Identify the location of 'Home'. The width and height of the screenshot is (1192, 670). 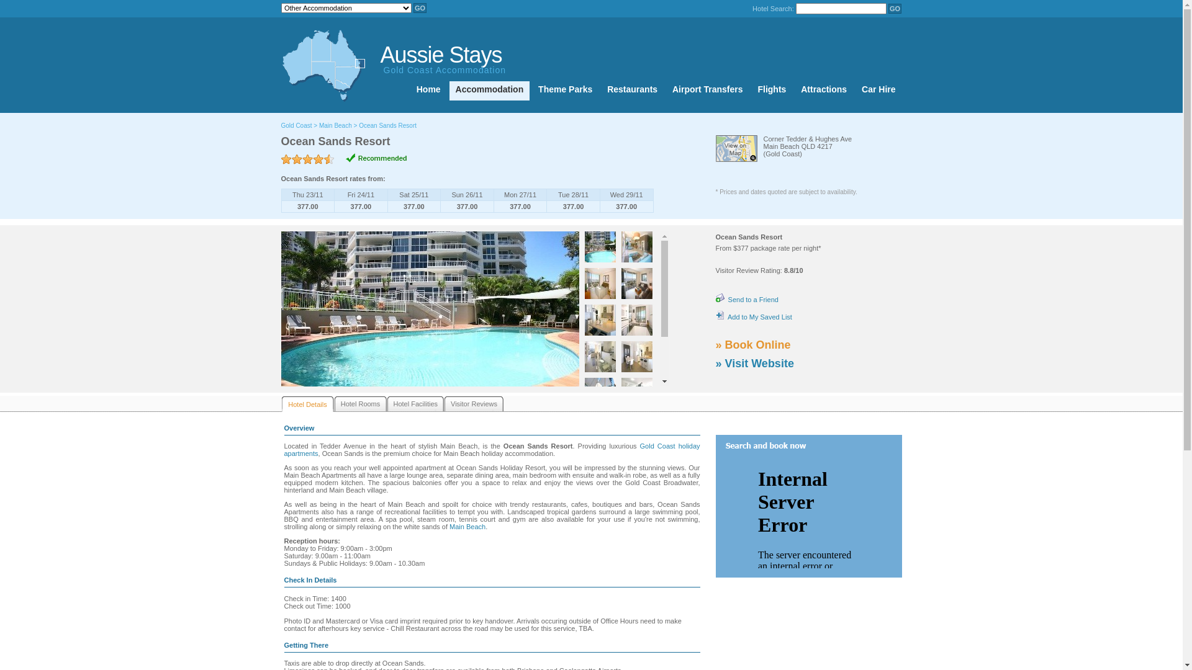
(410, 90).